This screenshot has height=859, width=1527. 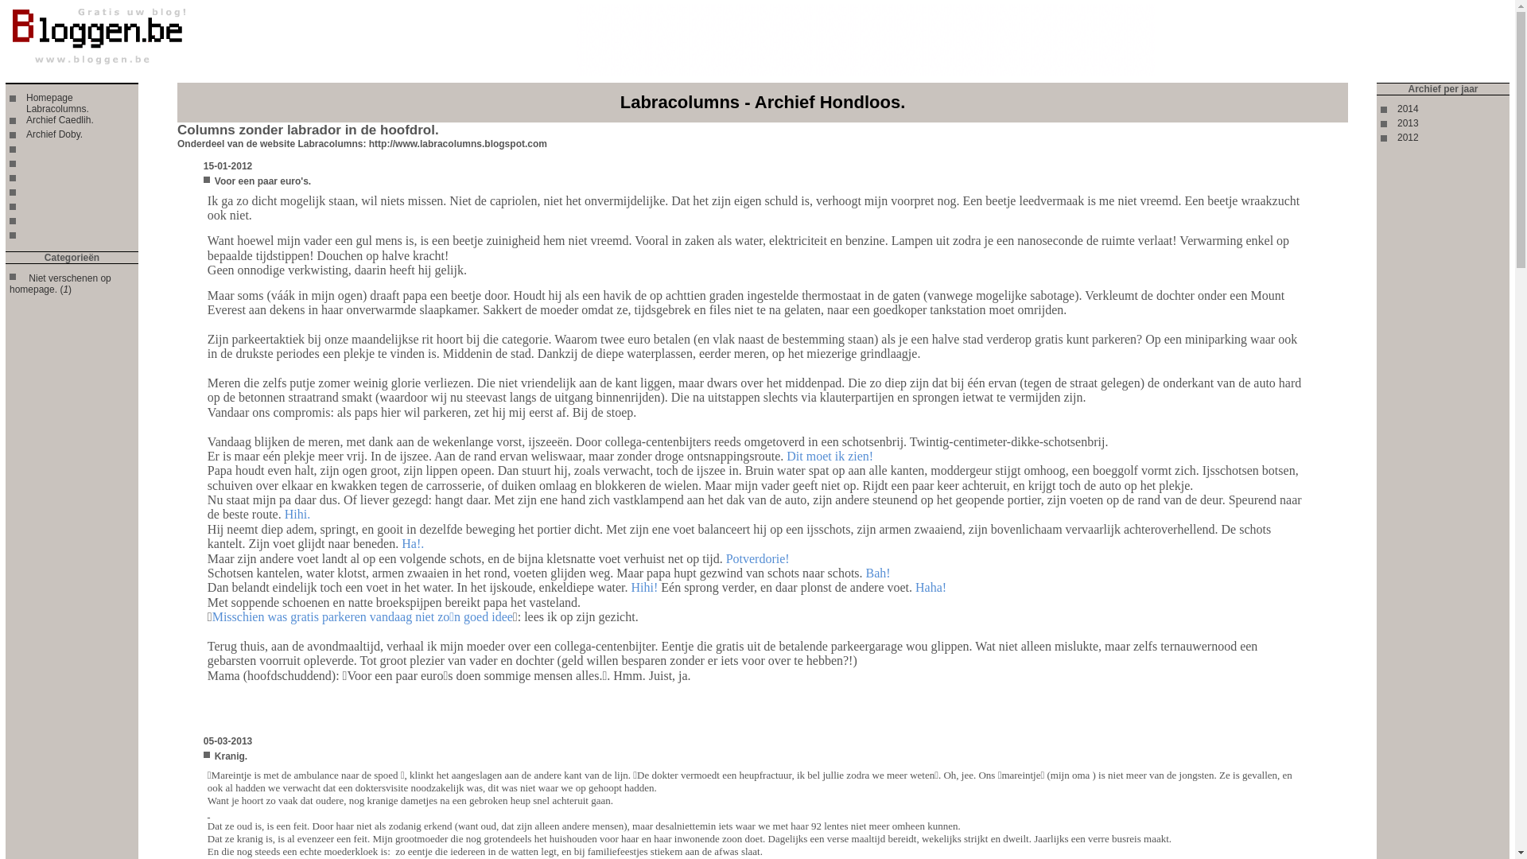 What do you see at coordinates (57, 103) in the screenshot?
I see `'Homepage Labracolumns.'` at bounding box center [57, 103].